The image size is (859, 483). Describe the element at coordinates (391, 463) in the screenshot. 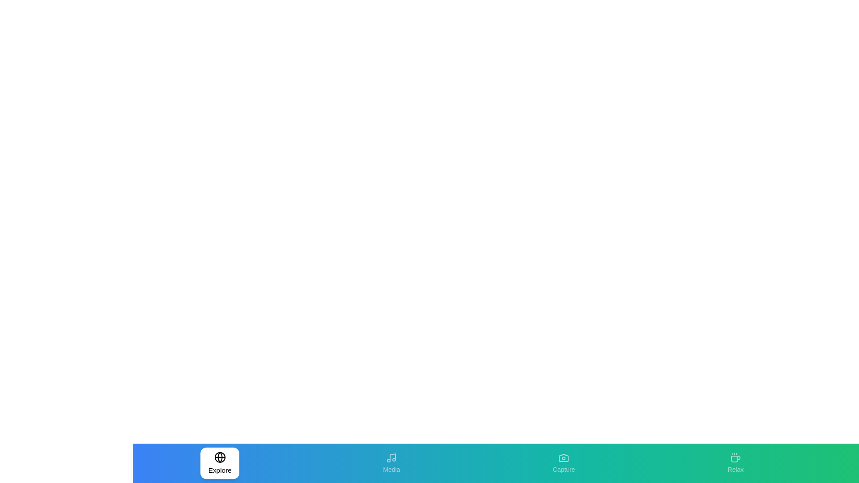

I see `the tab labeled Media` at that location.